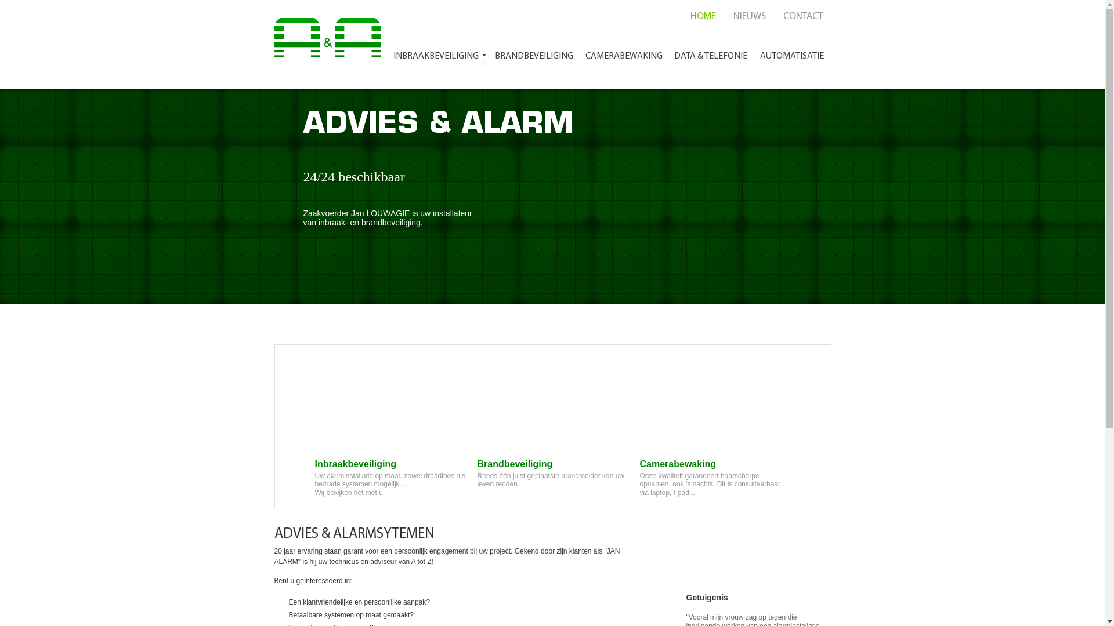 The width and height of the screenshot is (1114, 626). What do you see at coordinates (533, 58) in the screenshot?
I see `'BRANDBEVEILIGING'` at bounding box center [533, 58].